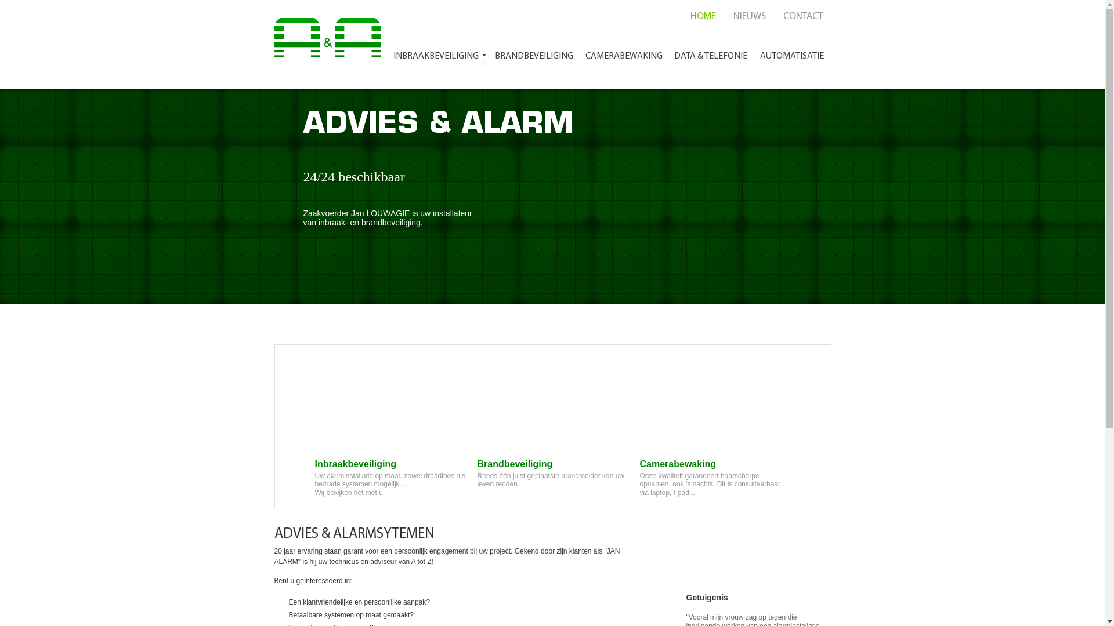 The width and height of the screenshot is (1114, 626). What do you see at coordinates (533, 58) in the screenshot?
I see `'BRANDBEVEILIGING'` at bounding box center [533, 58].